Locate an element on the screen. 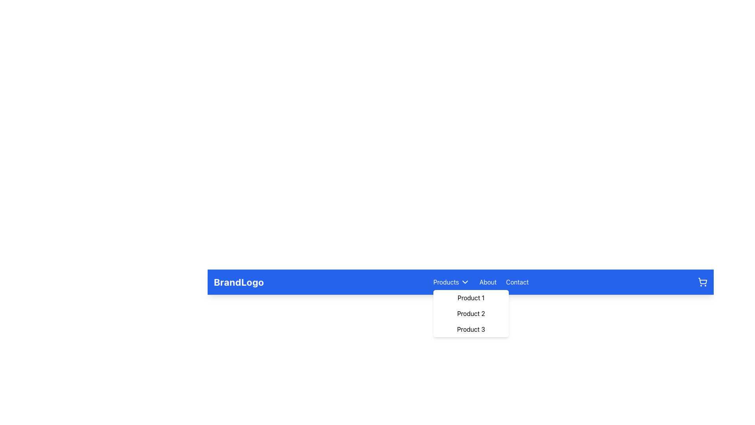  the 'Product 1' hyperlink menu item is located at coordinates (471, 297).